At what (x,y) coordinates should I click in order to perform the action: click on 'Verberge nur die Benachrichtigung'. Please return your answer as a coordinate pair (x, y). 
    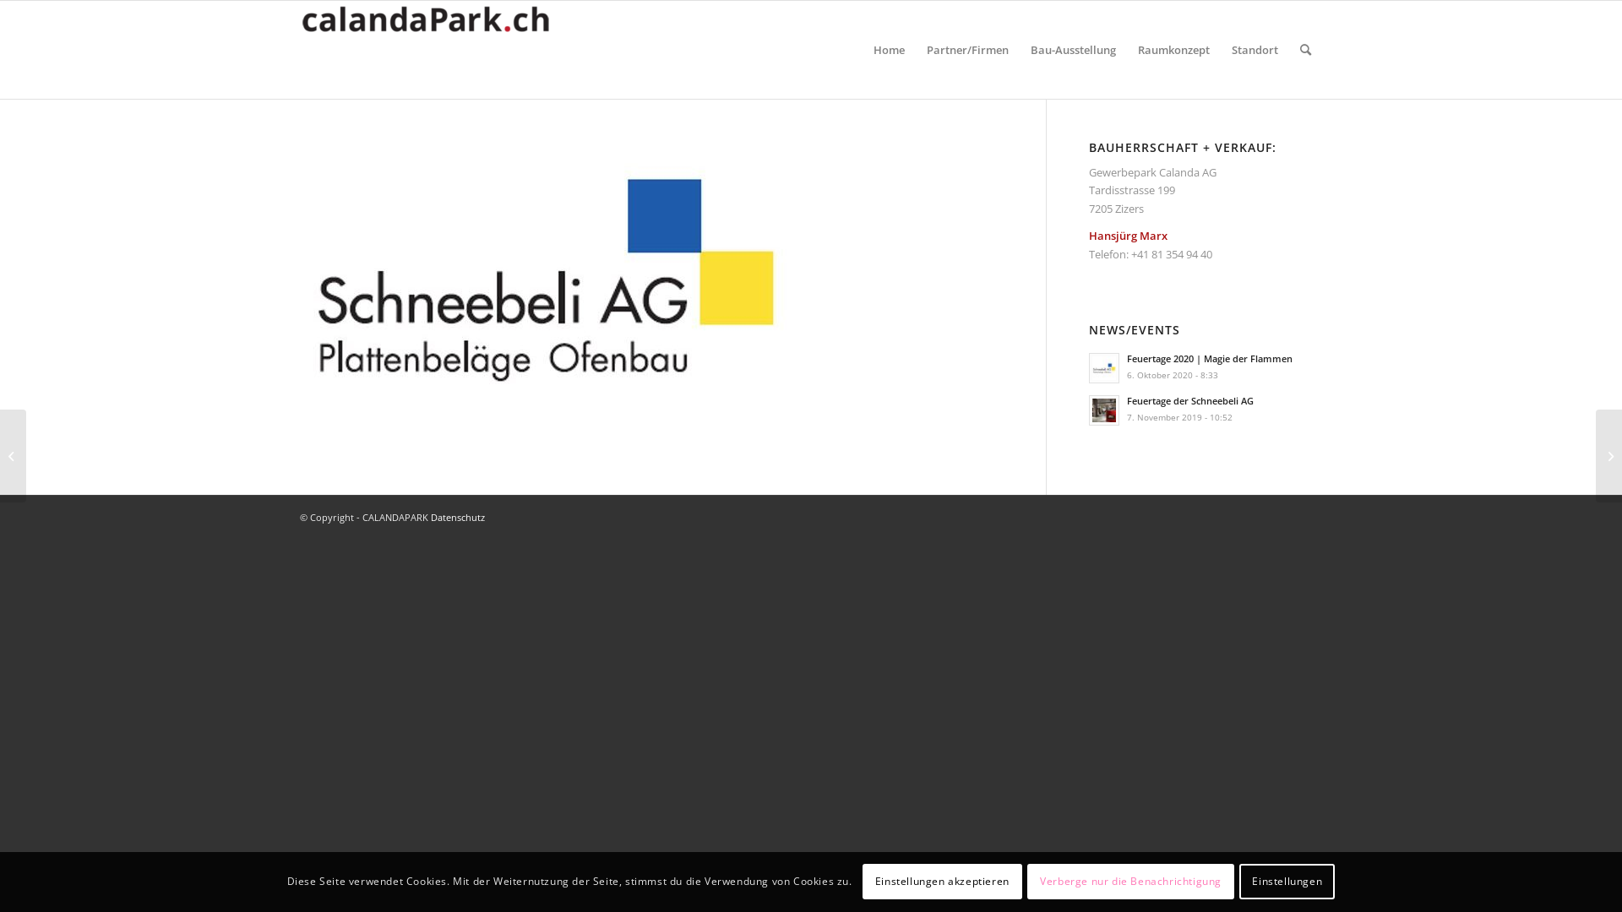
    Looking at the image, I should click on (1130, 881).